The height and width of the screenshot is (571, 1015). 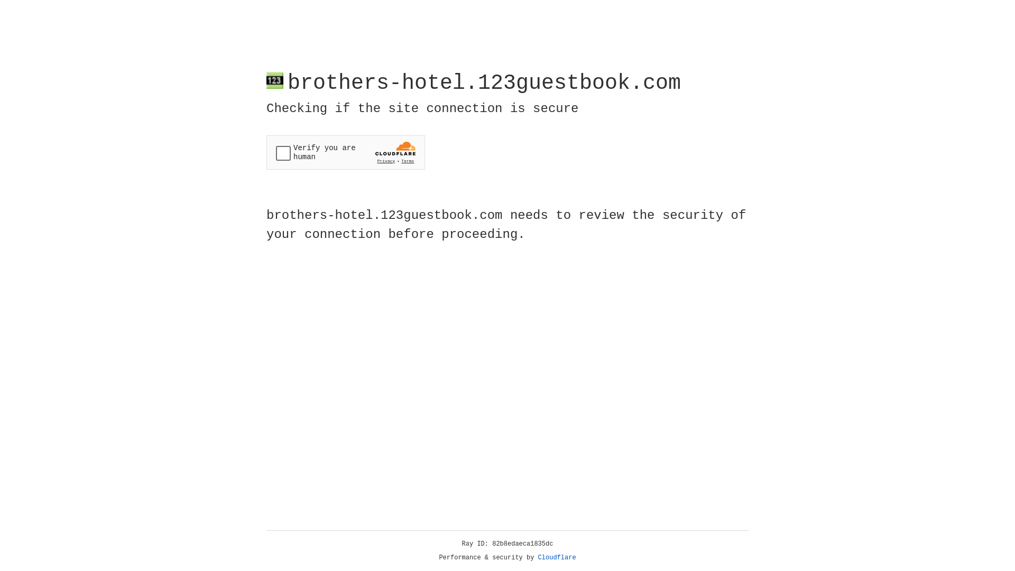 What do you see at coordinates (345, 152) in the screenshot?
I see `'Widget containing a Cloudflare security challenge'` at bounding box center [345, 152].